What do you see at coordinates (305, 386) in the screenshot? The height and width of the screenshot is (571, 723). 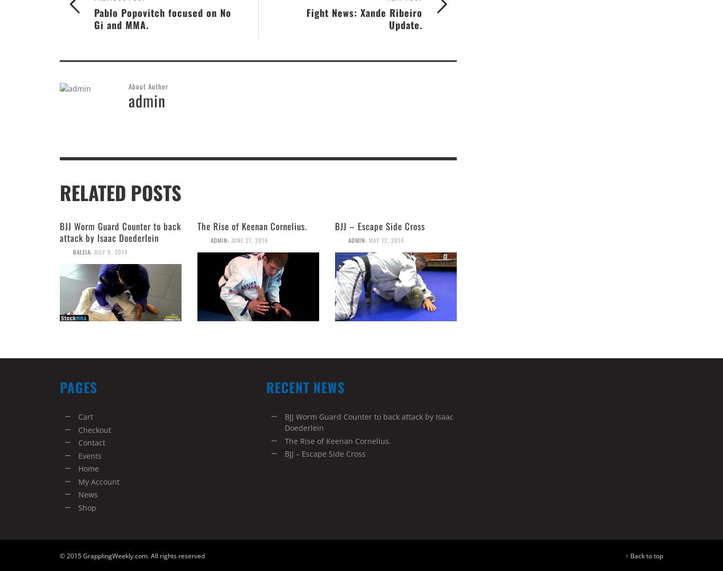 I see `'Recent News'` at bounding box center [305, 386].